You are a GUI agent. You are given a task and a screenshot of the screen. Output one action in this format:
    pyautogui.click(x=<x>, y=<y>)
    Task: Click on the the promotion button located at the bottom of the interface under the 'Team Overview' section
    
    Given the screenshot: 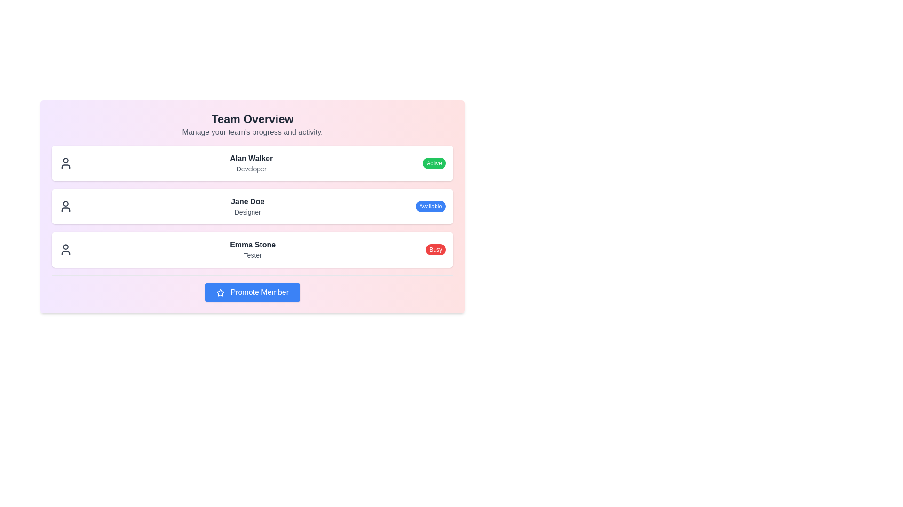 What is the action you would take?
    pyautogui.click(x=253, y=292)
    